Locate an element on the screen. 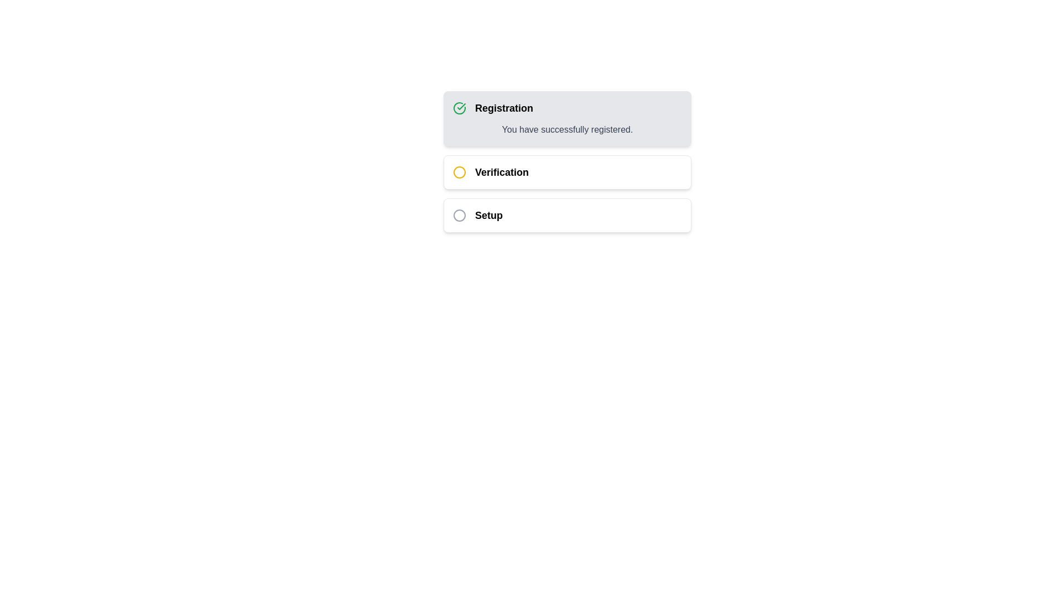 The width and height of the screenshot is (1062, 597). the yellow circular outline icon next to the 'Verification' label is located at coordinates (459, 172).